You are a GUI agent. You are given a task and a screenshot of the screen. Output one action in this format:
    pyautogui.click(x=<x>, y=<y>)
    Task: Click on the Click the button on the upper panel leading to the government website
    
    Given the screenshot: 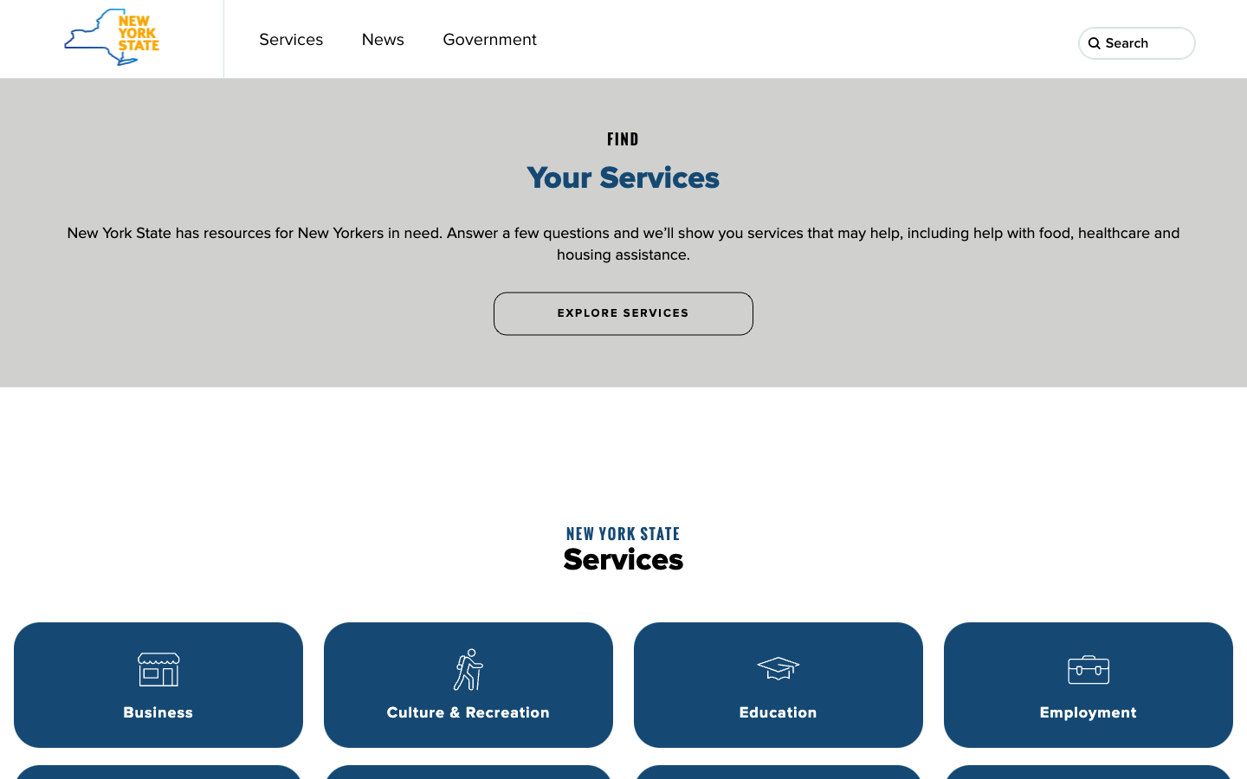 What is the action you would take?
    pyautogui.click(x=489, y=38)
    